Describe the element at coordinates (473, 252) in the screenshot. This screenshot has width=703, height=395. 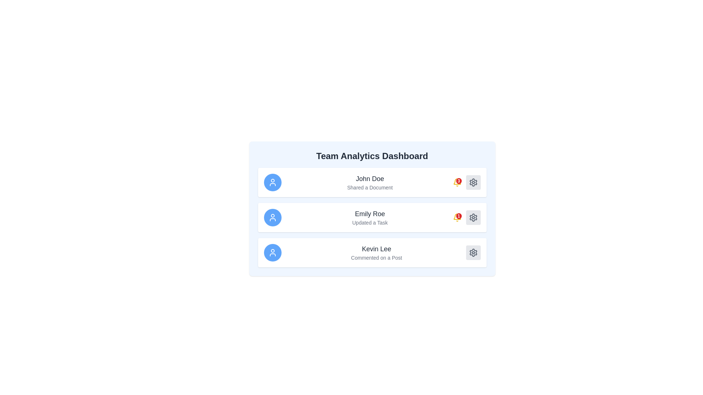
I see `the settings button located in the third row next to user Kevin Lee's information box` at that location.